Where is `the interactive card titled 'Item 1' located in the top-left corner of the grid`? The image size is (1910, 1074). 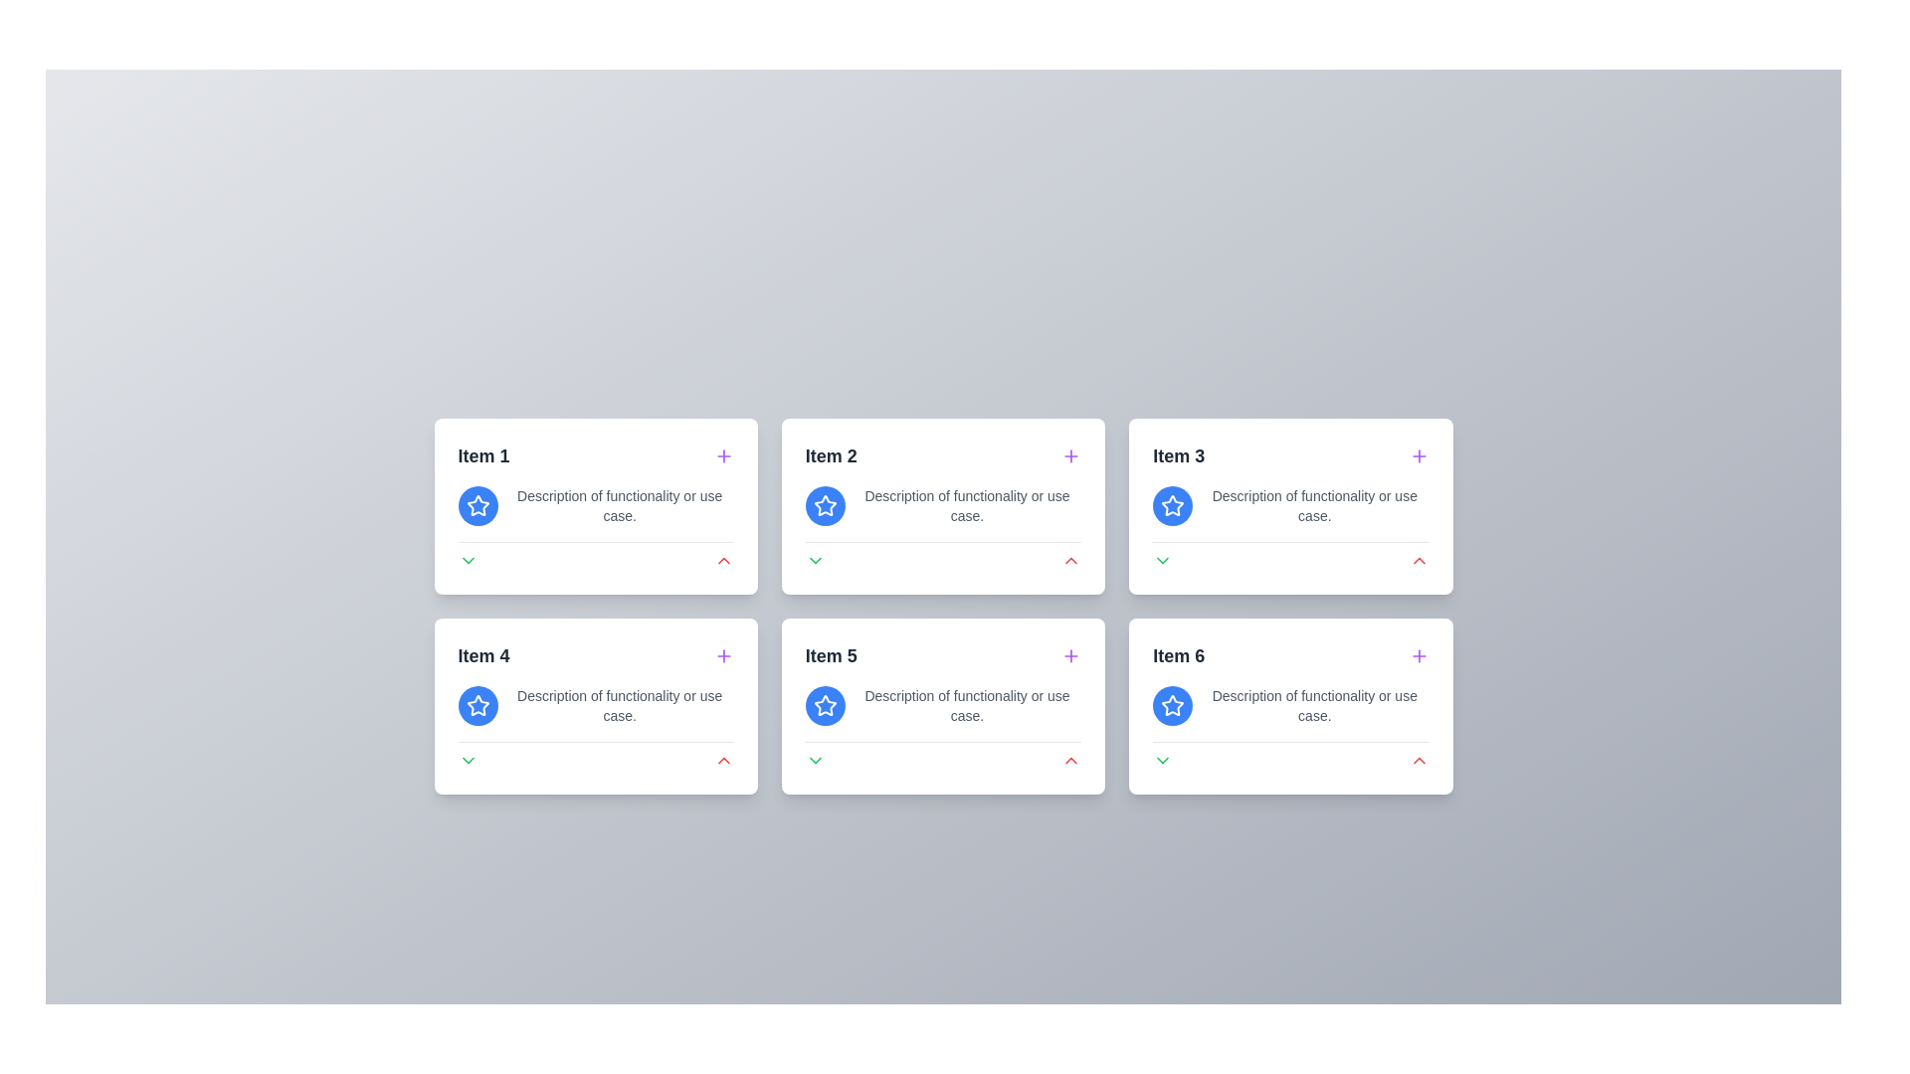
the interactive card titled 'Item 1' located in the top-left corner of the grid is located at coordinates (595, 505).